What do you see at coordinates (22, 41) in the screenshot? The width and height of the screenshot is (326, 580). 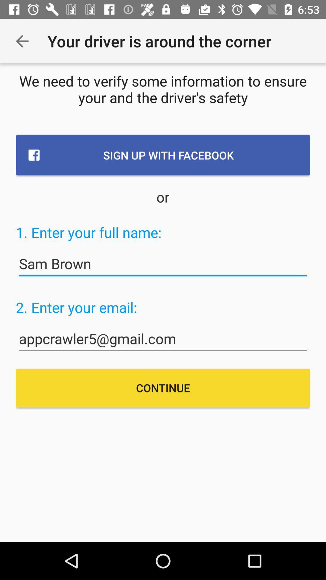 I see `icon to the left of the your driver is item` at bounding box center [22, 41].